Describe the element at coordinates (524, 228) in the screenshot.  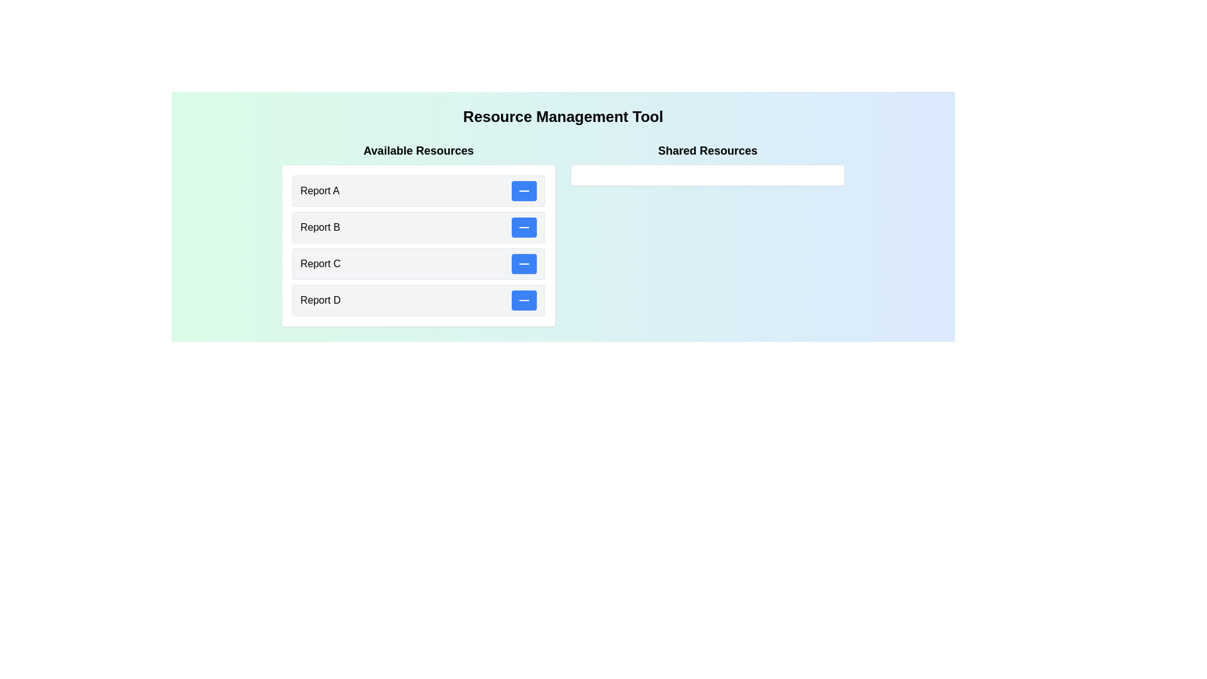
I see `'-' button for the resource 'Report B' in the 'Available Resources' list` at that location.